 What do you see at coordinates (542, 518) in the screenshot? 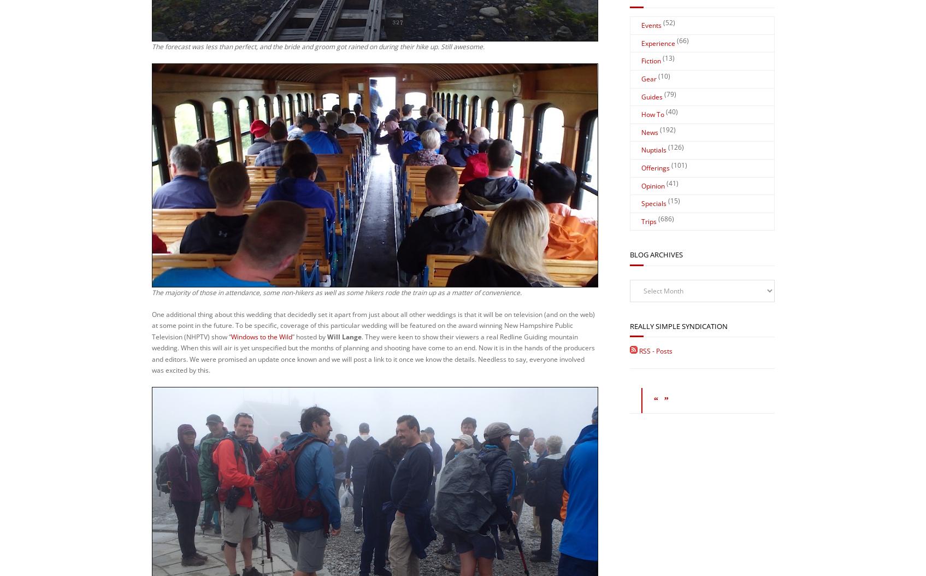
I see `'How We Work'` at bounding box center [542, 518].